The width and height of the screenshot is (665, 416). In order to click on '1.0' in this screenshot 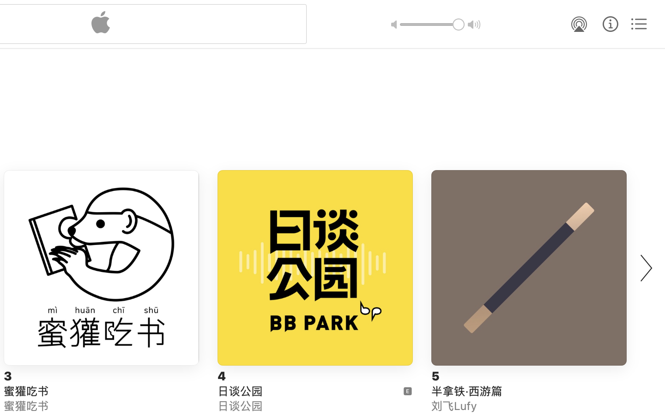, I will do `click(432, 24)`.